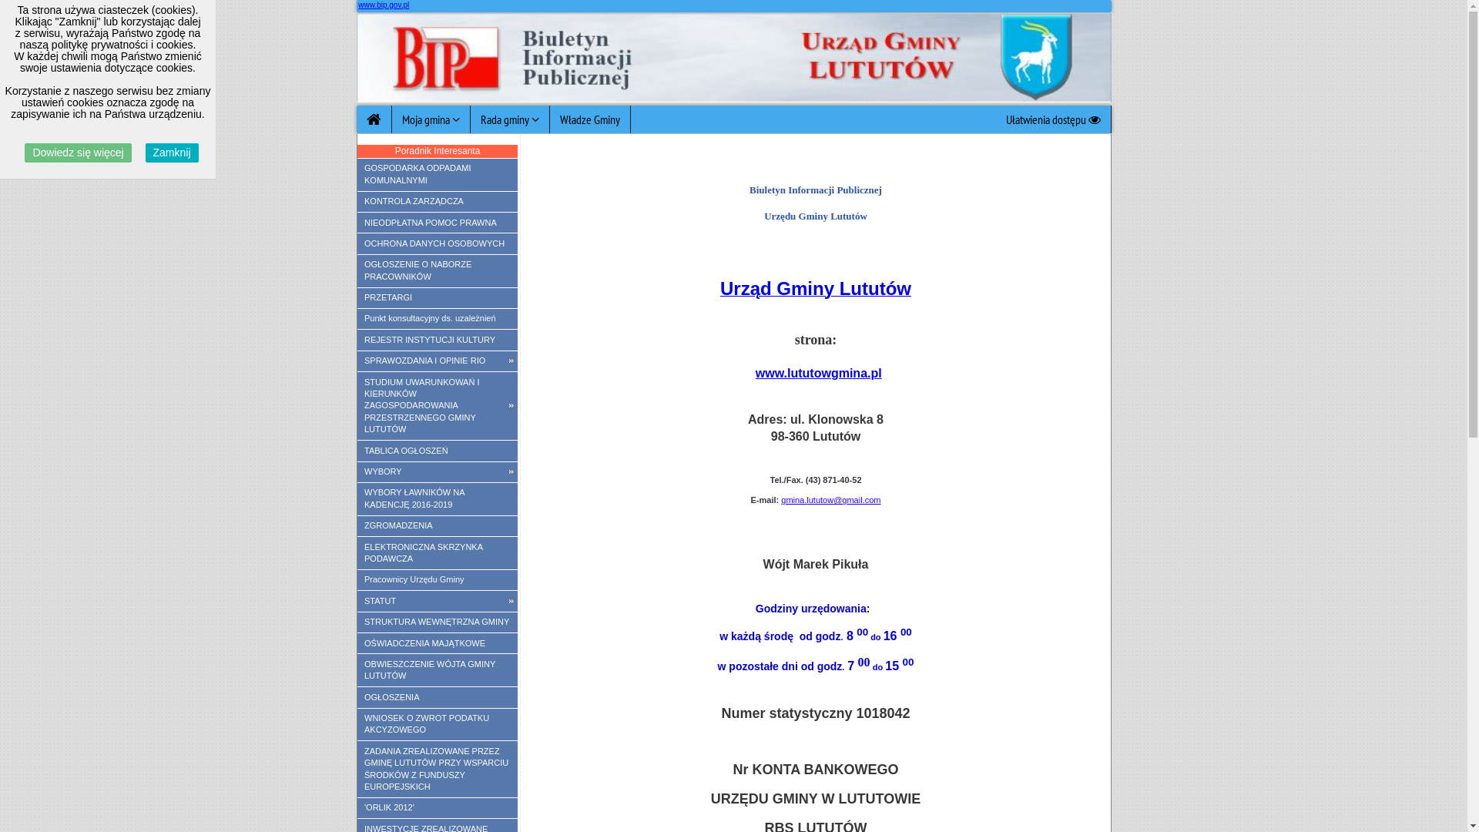  Describe the element at coordinates (793, 499) in the screenshot. I see `'gmina.'` at that location.